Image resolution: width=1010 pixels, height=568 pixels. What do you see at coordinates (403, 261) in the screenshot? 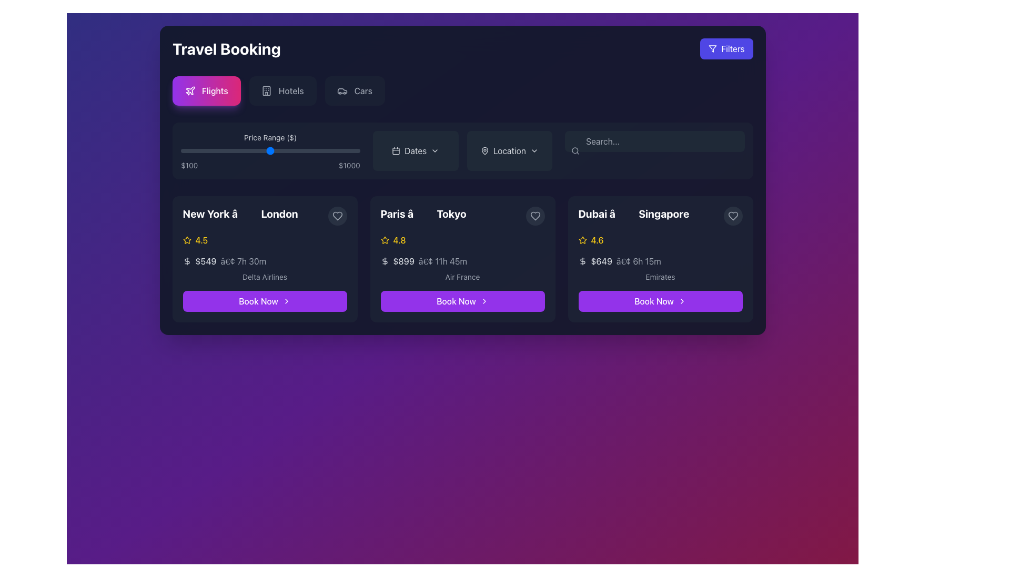
I see `the ticket price text element located in the second card for the flight from Paris to Tokyo, positioned to the left of the duration text` at bounding box center [403, 261].